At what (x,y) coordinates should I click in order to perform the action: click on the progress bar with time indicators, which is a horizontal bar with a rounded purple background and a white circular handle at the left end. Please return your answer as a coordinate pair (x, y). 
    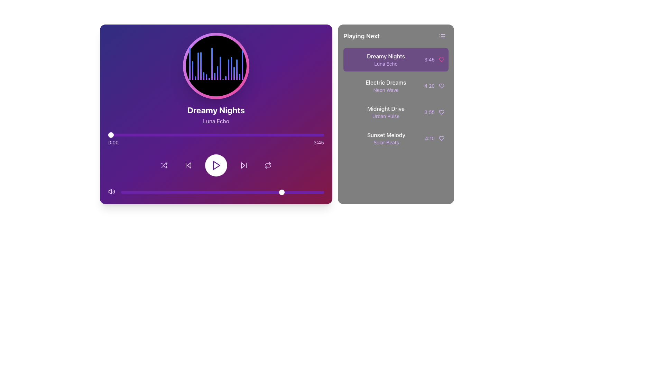
    Looking at the image, I should click on (215, 140).